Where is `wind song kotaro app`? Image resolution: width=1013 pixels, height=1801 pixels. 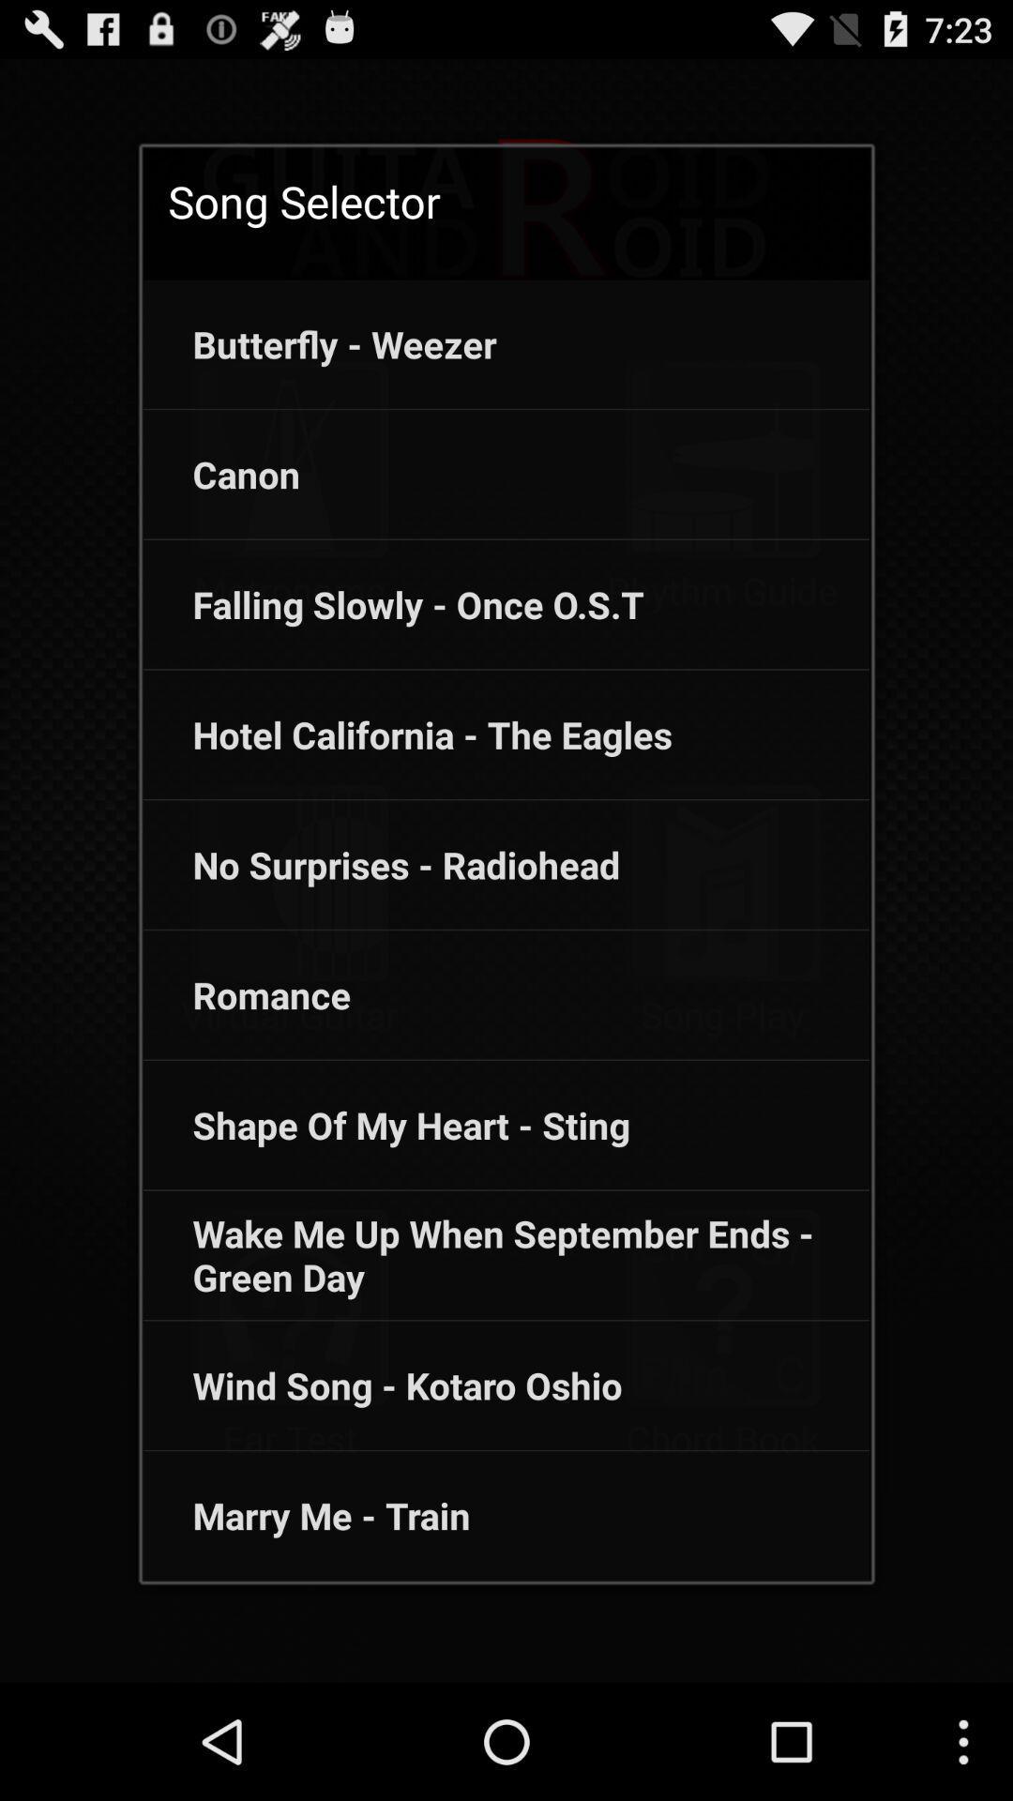 wind song kotaro app is located at coordinates (382, 1385).